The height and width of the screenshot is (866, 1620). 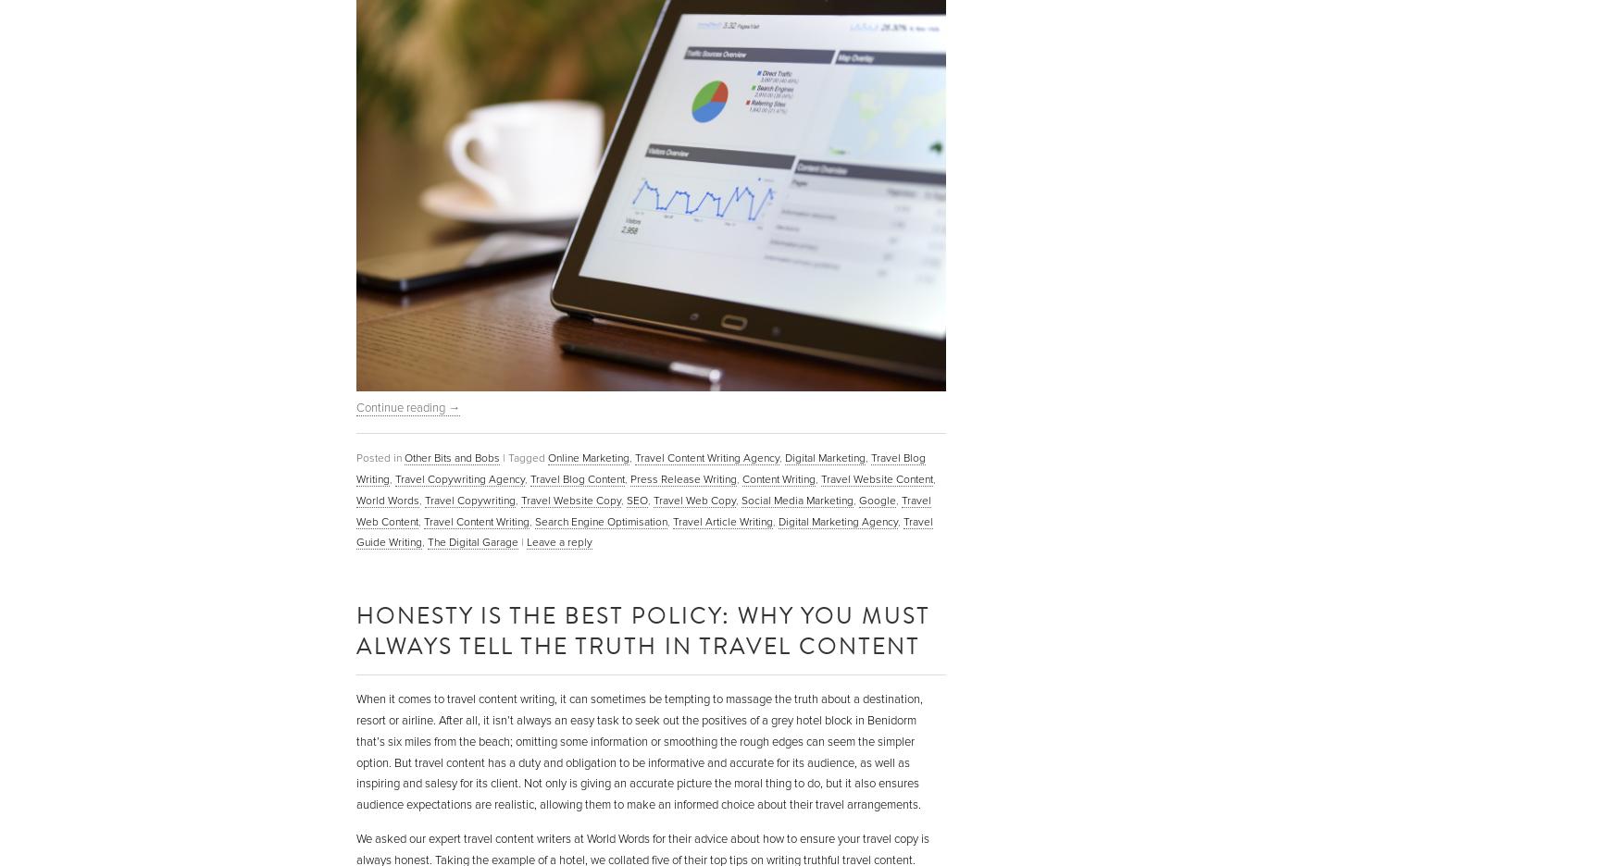 I want to click on 'Travel Content Writing', so click(x=476, y=520).